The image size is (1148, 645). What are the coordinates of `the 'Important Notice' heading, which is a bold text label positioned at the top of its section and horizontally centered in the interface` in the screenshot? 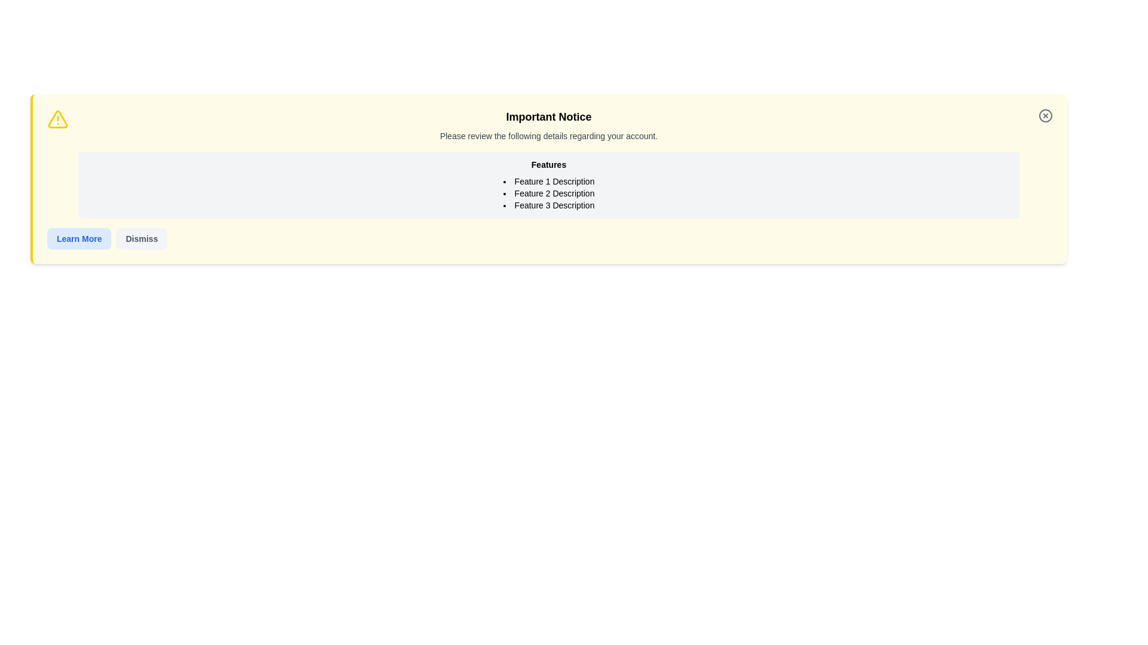 It's located at (548, 117).